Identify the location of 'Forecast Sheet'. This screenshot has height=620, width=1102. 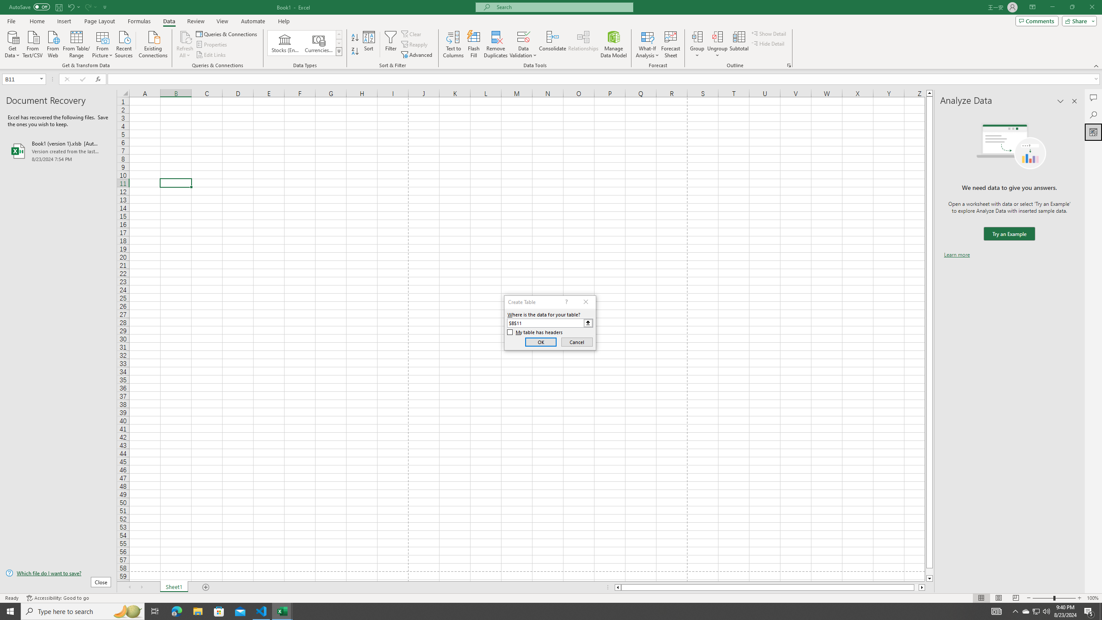
(670, 44).